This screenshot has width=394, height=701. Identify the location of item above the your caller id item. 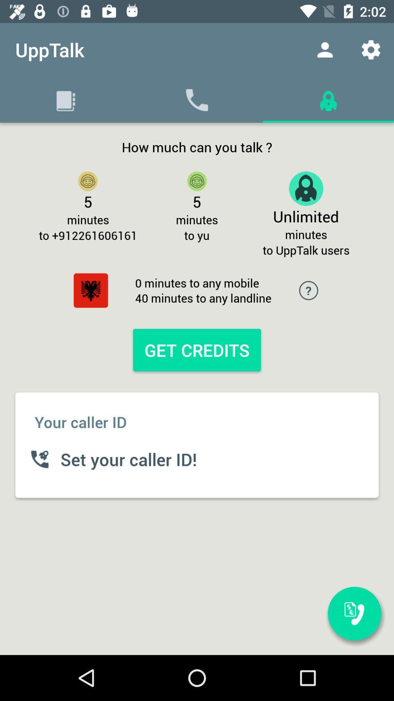
(197, 349).